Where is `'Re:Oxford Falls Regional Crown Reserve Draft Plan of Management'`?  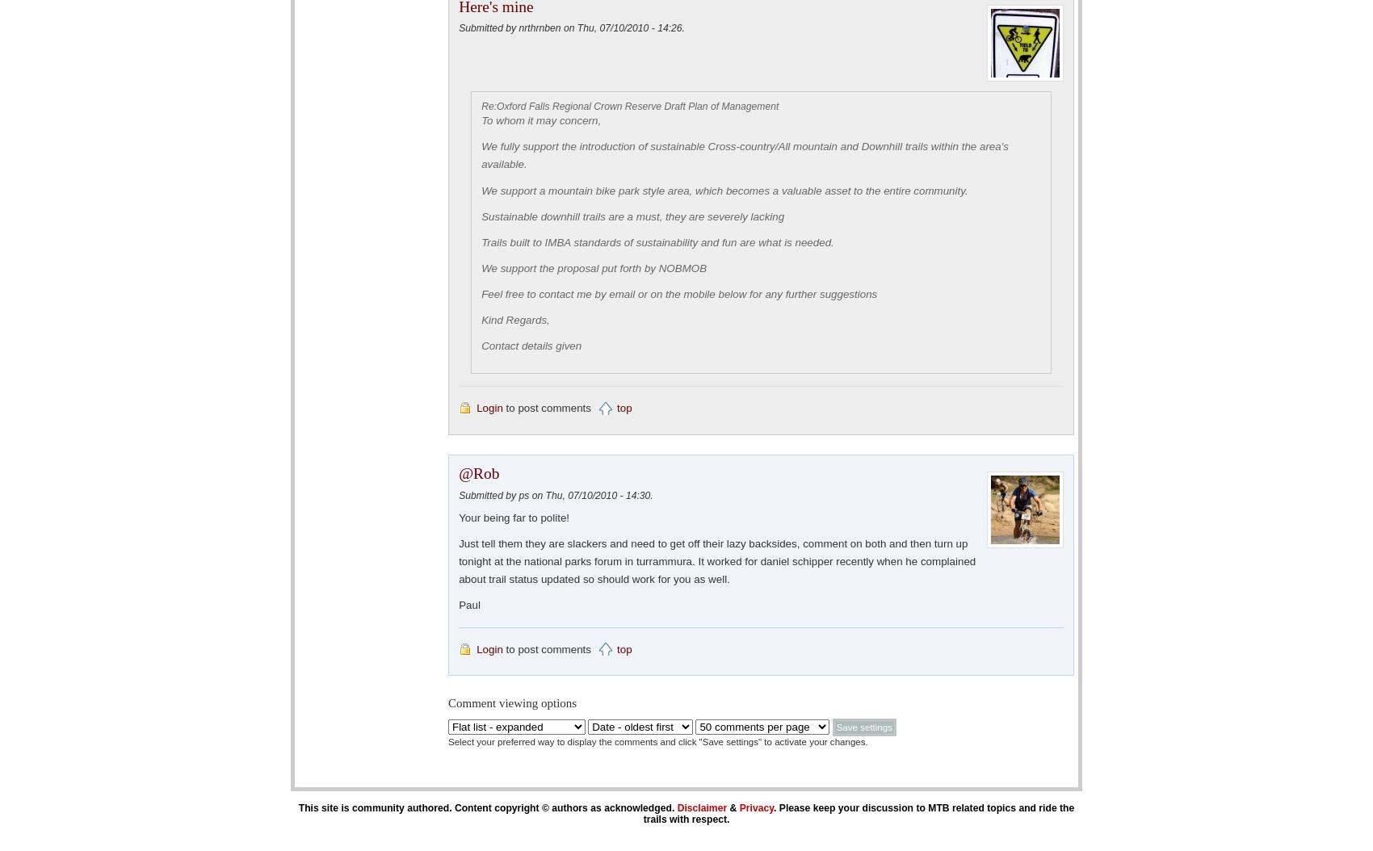
'Re:Oxford Falls Regional Crown Reserve Draft Plan of Management' is located at coordinates (628, 106).